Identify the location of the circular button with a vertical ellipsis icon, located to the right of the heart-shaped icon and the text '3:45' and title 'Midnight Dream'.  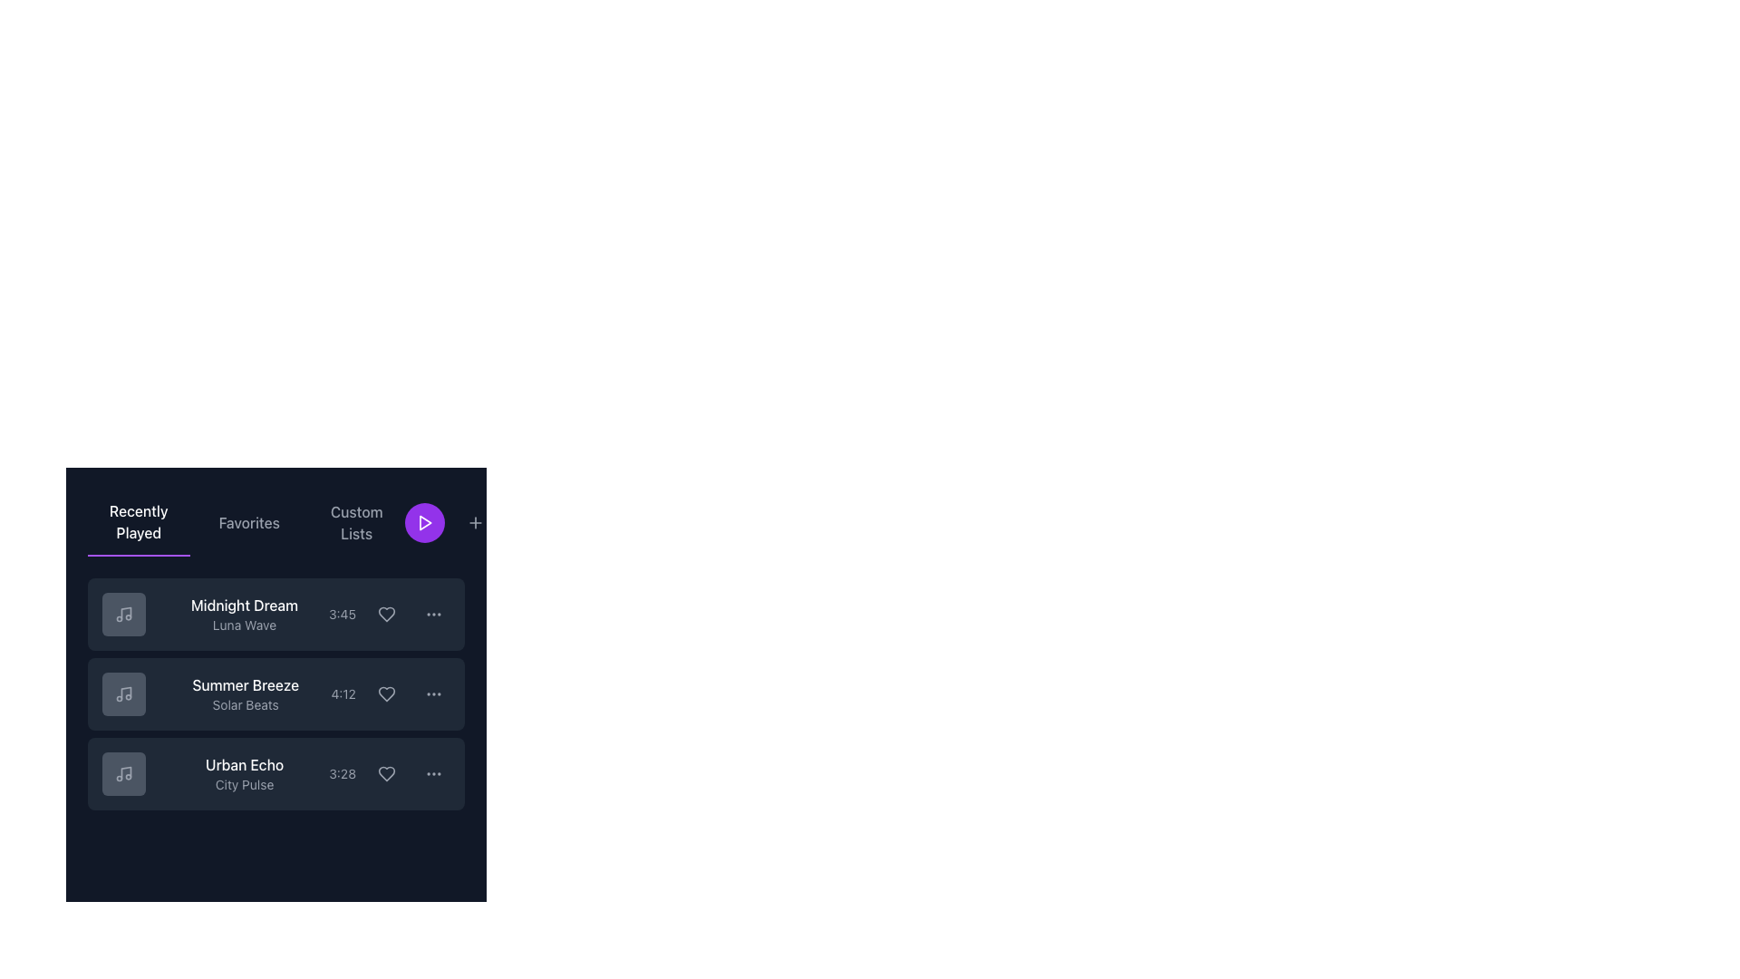
(433, 614).